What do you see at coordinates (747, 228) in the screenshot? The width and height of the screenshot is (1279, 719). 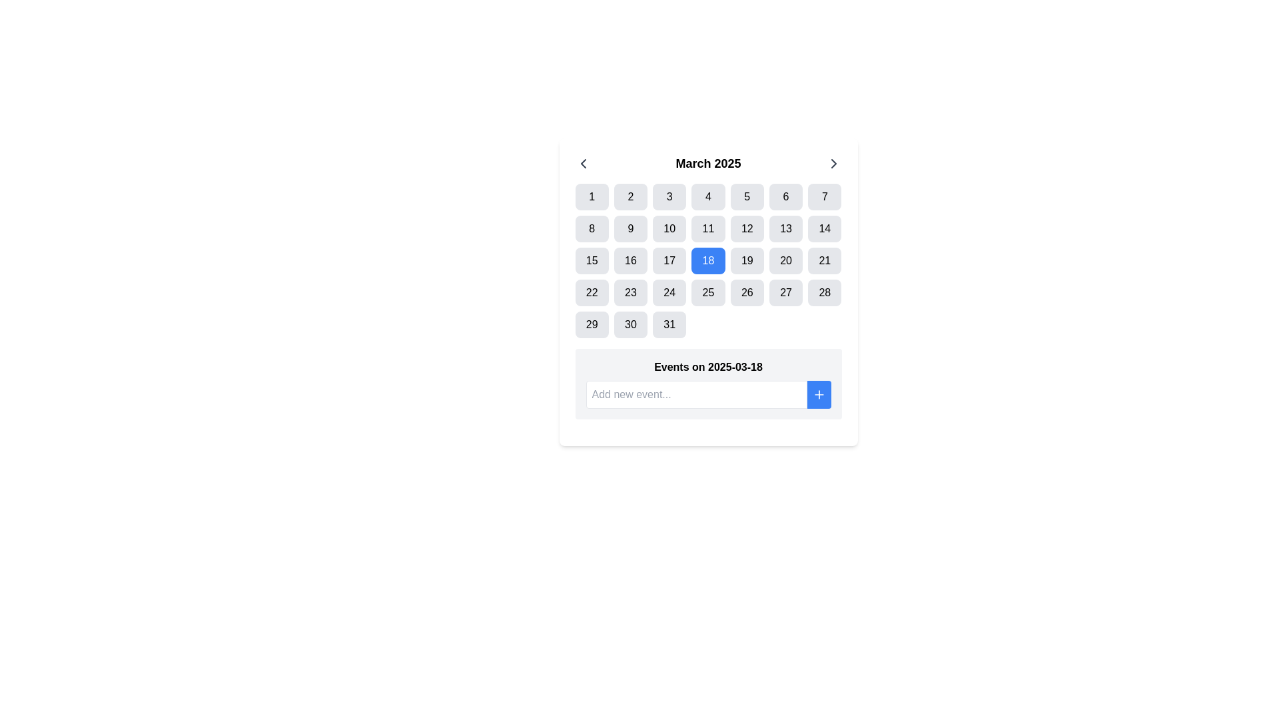 I see `the square button with rounded corners that has a gray background and displays the number '12' in black text, located in the second row and fifth column of the calendar grid below the title 'March 2025'` at bounding box center [747, 228].